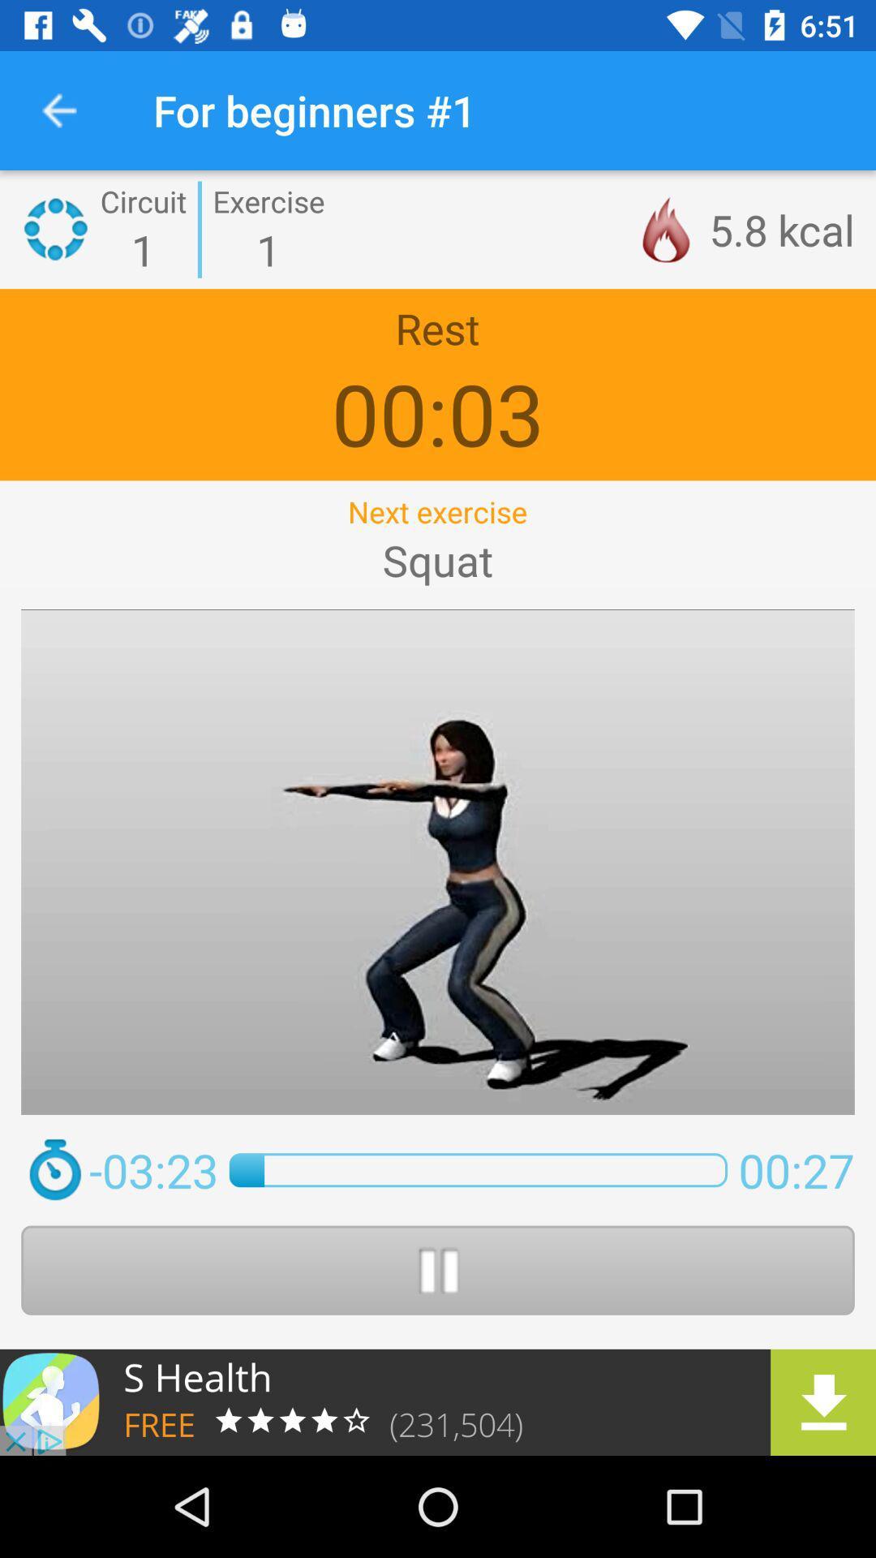  What do you see at coordinates (54, 1169) in the screenshot?
I see `clickl on the time icon` at bounding box center [54, 1169].